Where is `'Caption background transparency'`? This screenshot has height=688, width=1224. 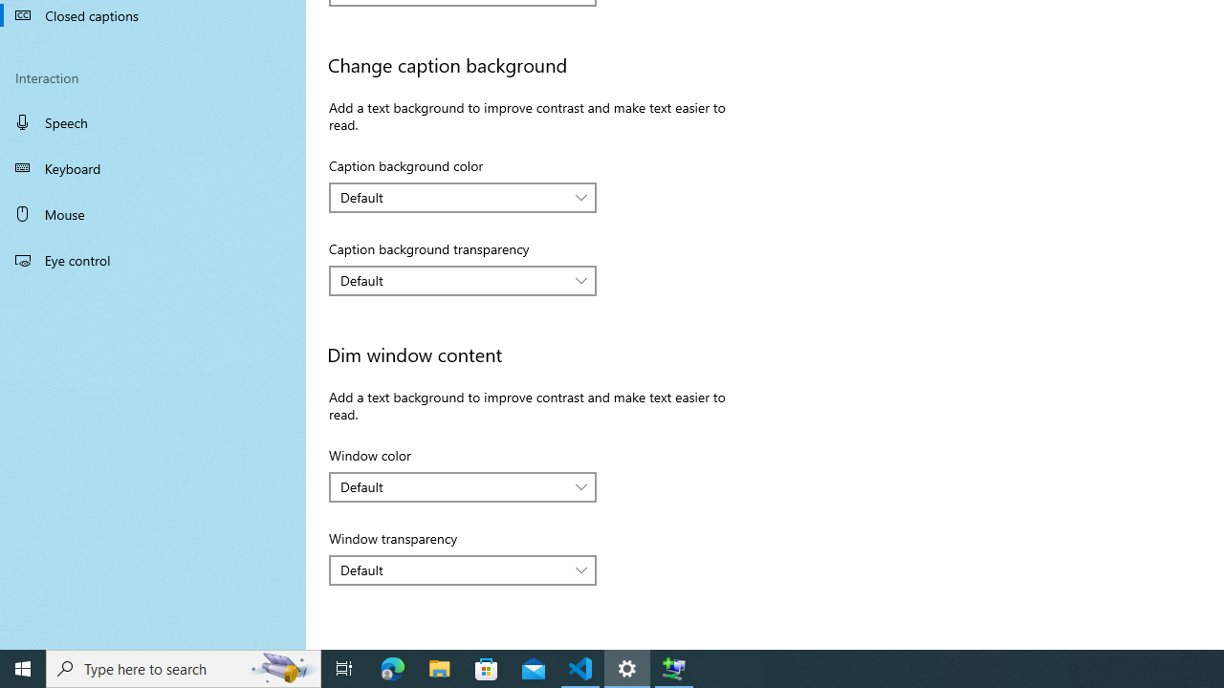 'Caption background transparency' is located at coordinates (463, 281).